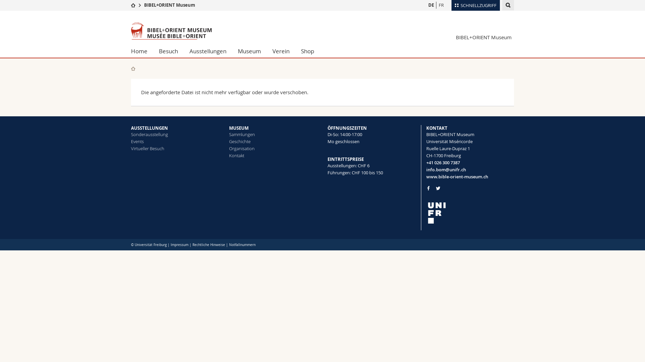 The width and height of the screenshot is (645, 362). What do you see at coordinates (451, 5) in the screenshot?
I see `'SCHNELLZUGRIFF'` at bounding box center [451, 5].